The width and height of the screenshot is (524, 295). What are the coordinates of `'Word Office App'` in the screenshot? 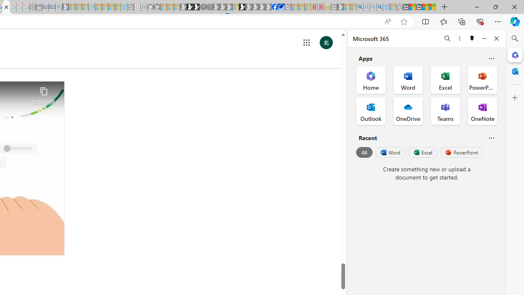 It's located at (408, 80).